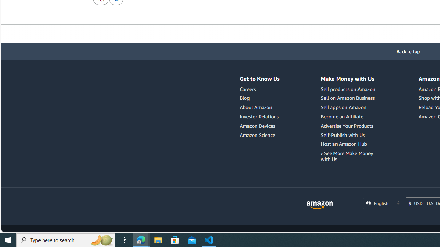 This screenshot has height=247, width=440. Describe the element at coordinates (349, 126) in the screenshot. I see `'Advertise Your Products'` at that location.